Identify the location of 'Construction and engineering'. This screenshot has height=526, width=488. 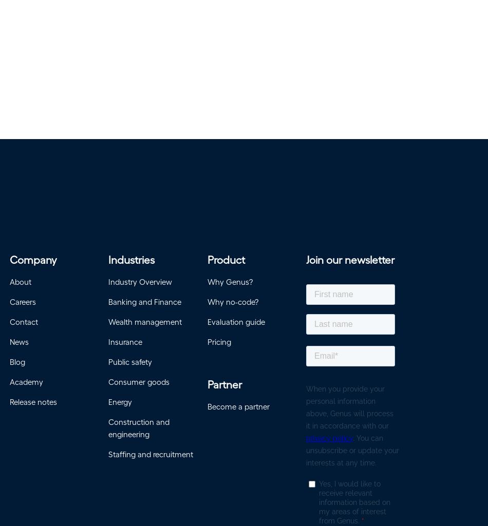
(138, 432).